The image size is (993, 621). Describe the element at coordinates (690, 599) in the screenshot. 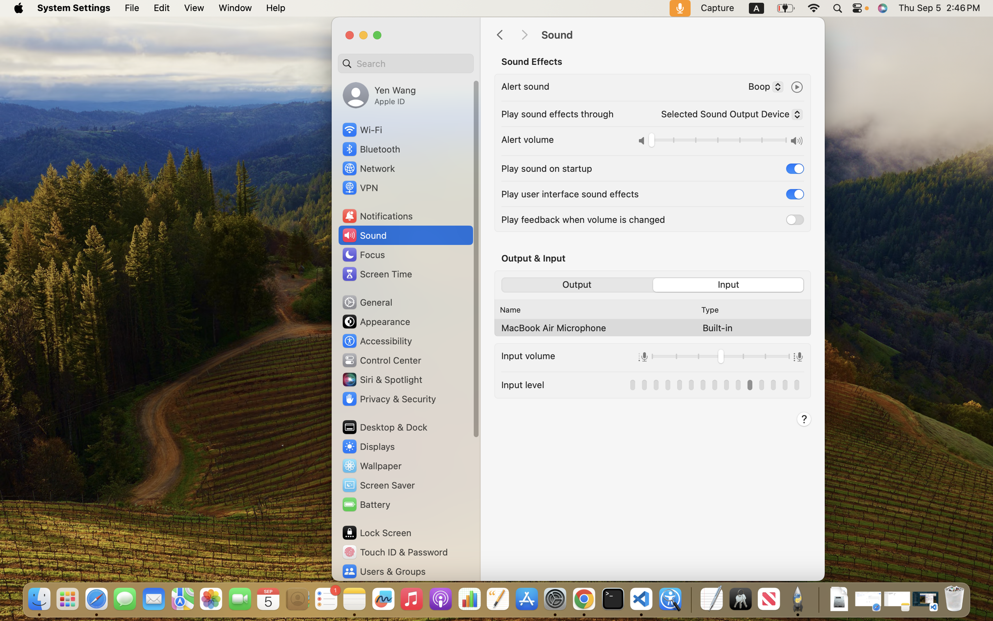

I see `'0.4285714328289032'` at that location.